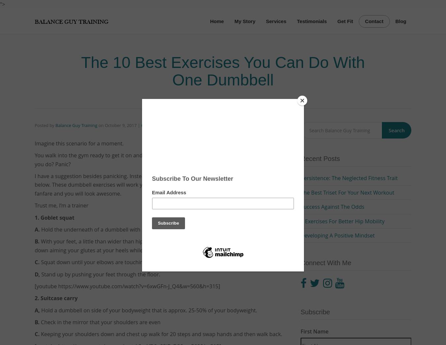  Describe the element at coordinates (300, 192) in the screenshot. I see `'The Best Triset For Your Next Workout'` at that location.